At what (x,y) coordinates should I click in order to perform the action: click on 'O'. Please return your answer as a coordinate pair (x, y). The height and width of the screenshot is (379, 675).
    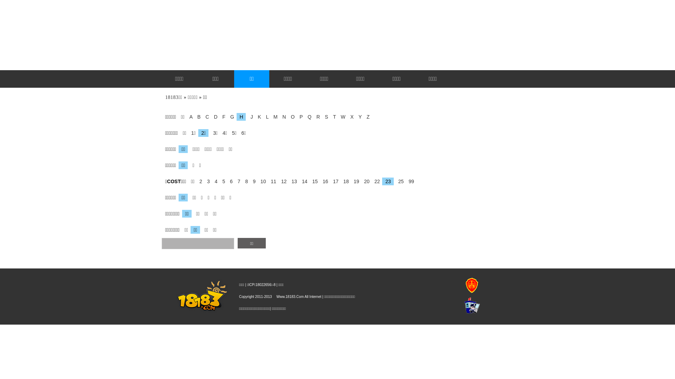
    Looking at the image, I should click on (291, 116).